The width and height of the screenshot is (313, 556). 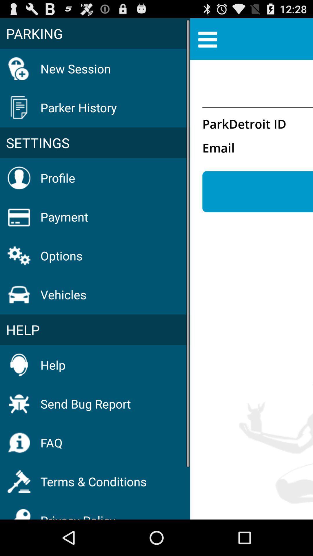 What do you see at coordinates (85, 403) in the screenshot?
I see `the icon above the faq` at bounding box center [85, 403].